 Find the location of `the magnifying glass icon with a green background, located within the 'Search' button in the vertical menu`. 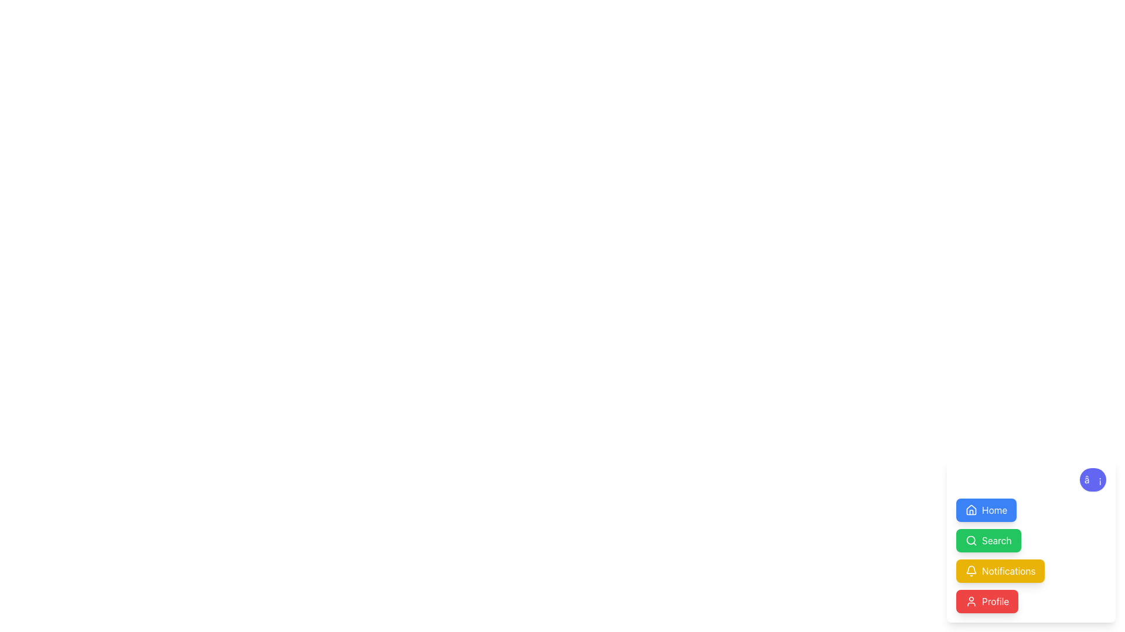

the magnifying glass icon with a green background, located within the 'Search' button in the vertical menu is located at coordinates (971, 541).